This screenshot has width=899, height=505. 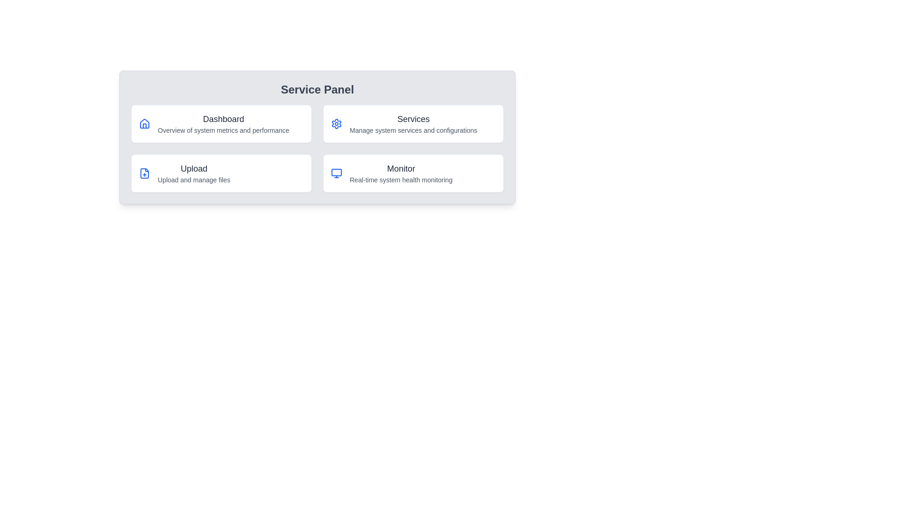 I want to click on the Text Label that serves as a title for the card indicating file upload operations, located in the upper half of the card above the text 'Upload and manage files', so click(x=193, y=169).